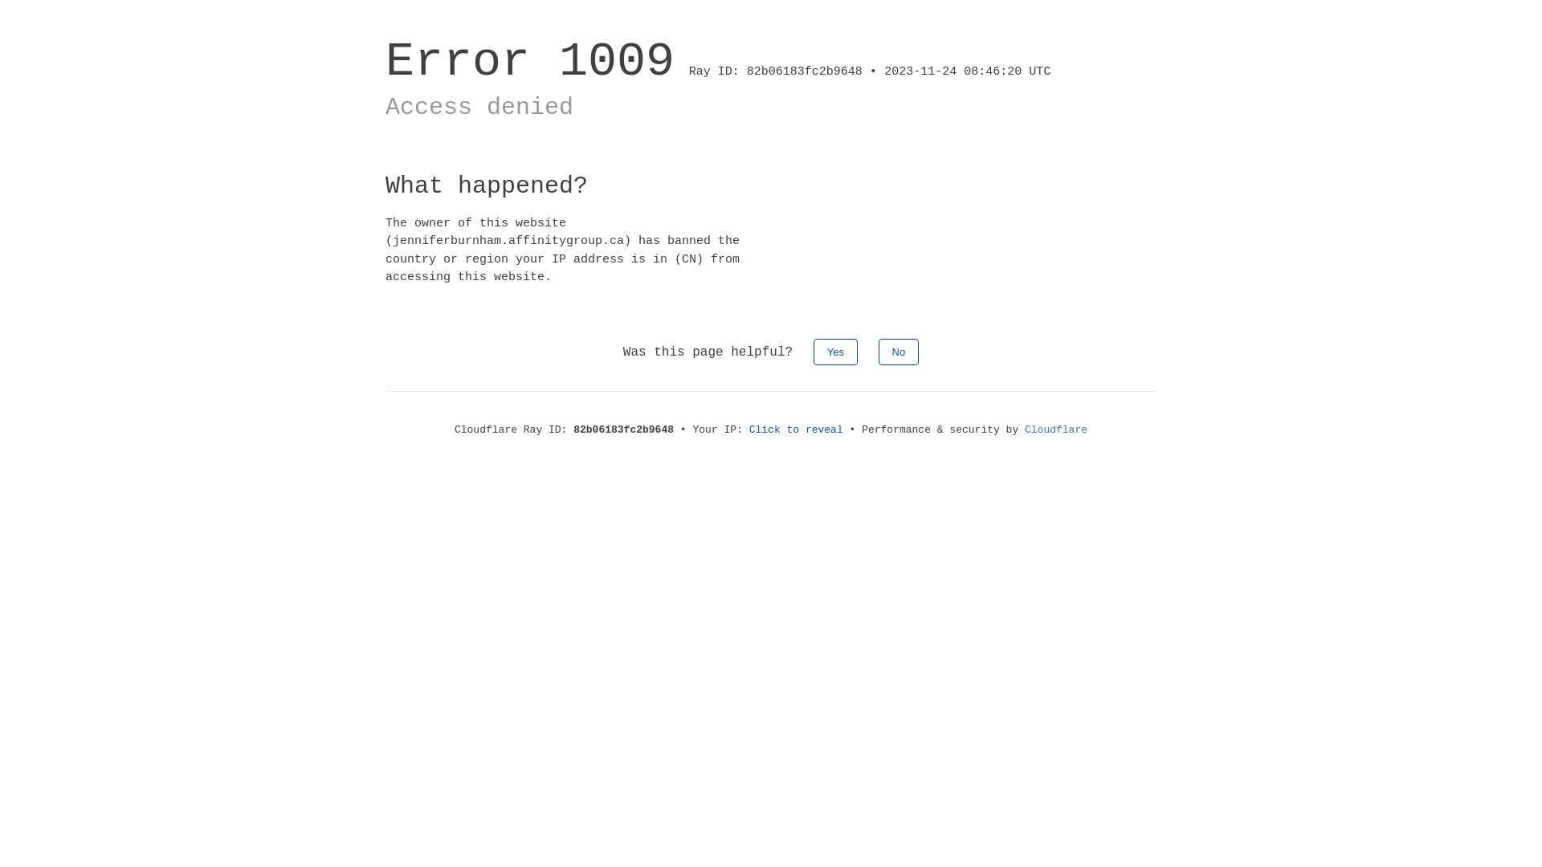 The height and width of the screenshot is (867, 1542). Describe the element at coordinates (835, 351) in the screenshot. I see `'Yes'` at that location.